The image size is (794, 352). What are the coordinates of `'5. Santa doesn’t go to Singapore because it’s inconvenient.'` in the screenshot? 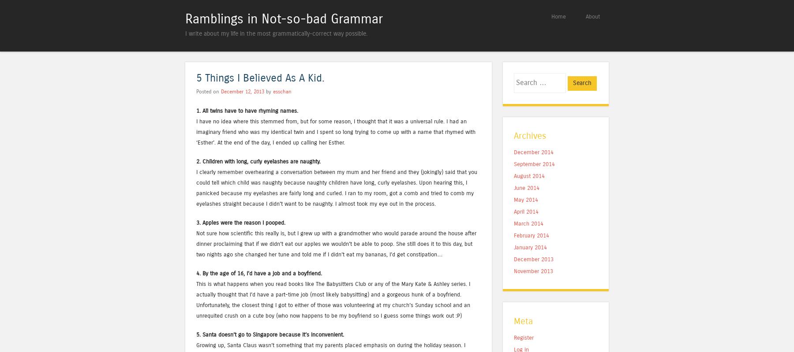 It's located at (270, 334).